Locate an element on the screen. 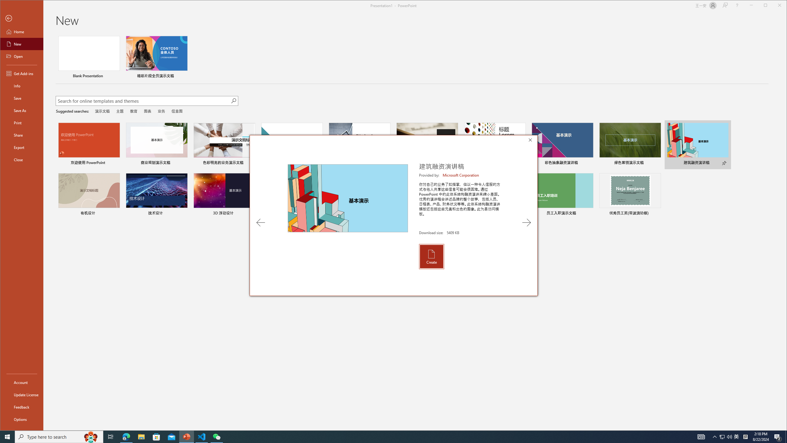  'Blank Presentation' is located at coordinates (89, 58).